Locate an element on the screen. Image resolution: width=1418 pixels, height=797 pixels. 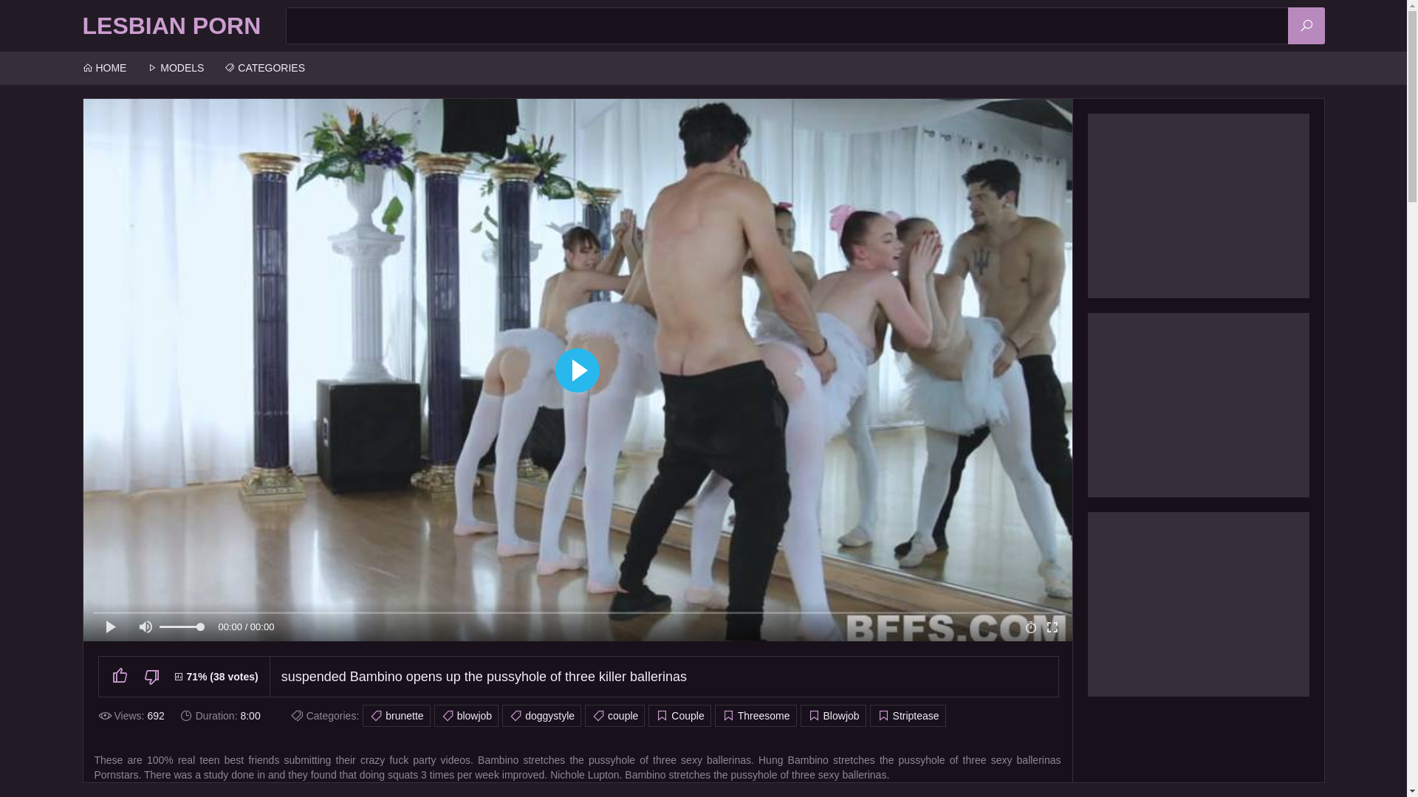
'Couple' is located at coordinates (679, 714).